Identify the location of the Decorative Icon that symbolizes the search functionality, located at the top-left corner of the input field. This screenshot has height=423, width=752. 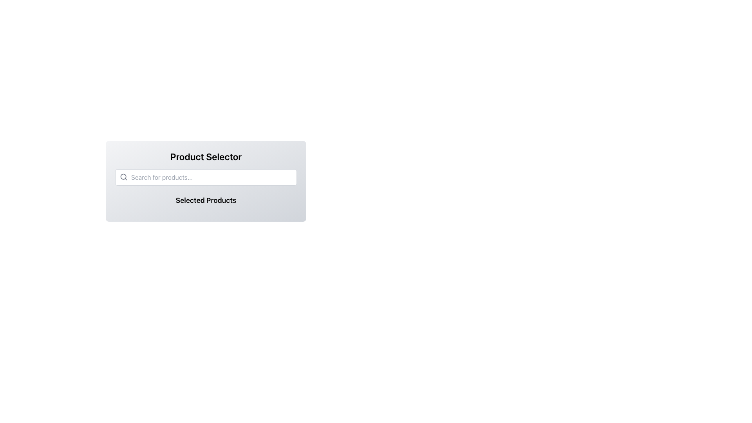
(123, 177).